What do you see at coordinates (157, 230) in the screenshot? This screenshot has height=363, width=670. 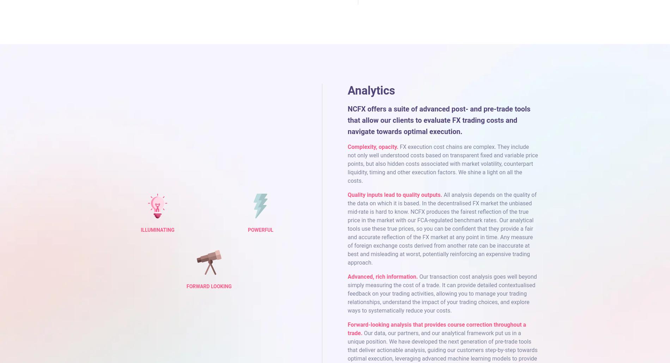 I see `'illuminating'` at bounding box center [157, 230].